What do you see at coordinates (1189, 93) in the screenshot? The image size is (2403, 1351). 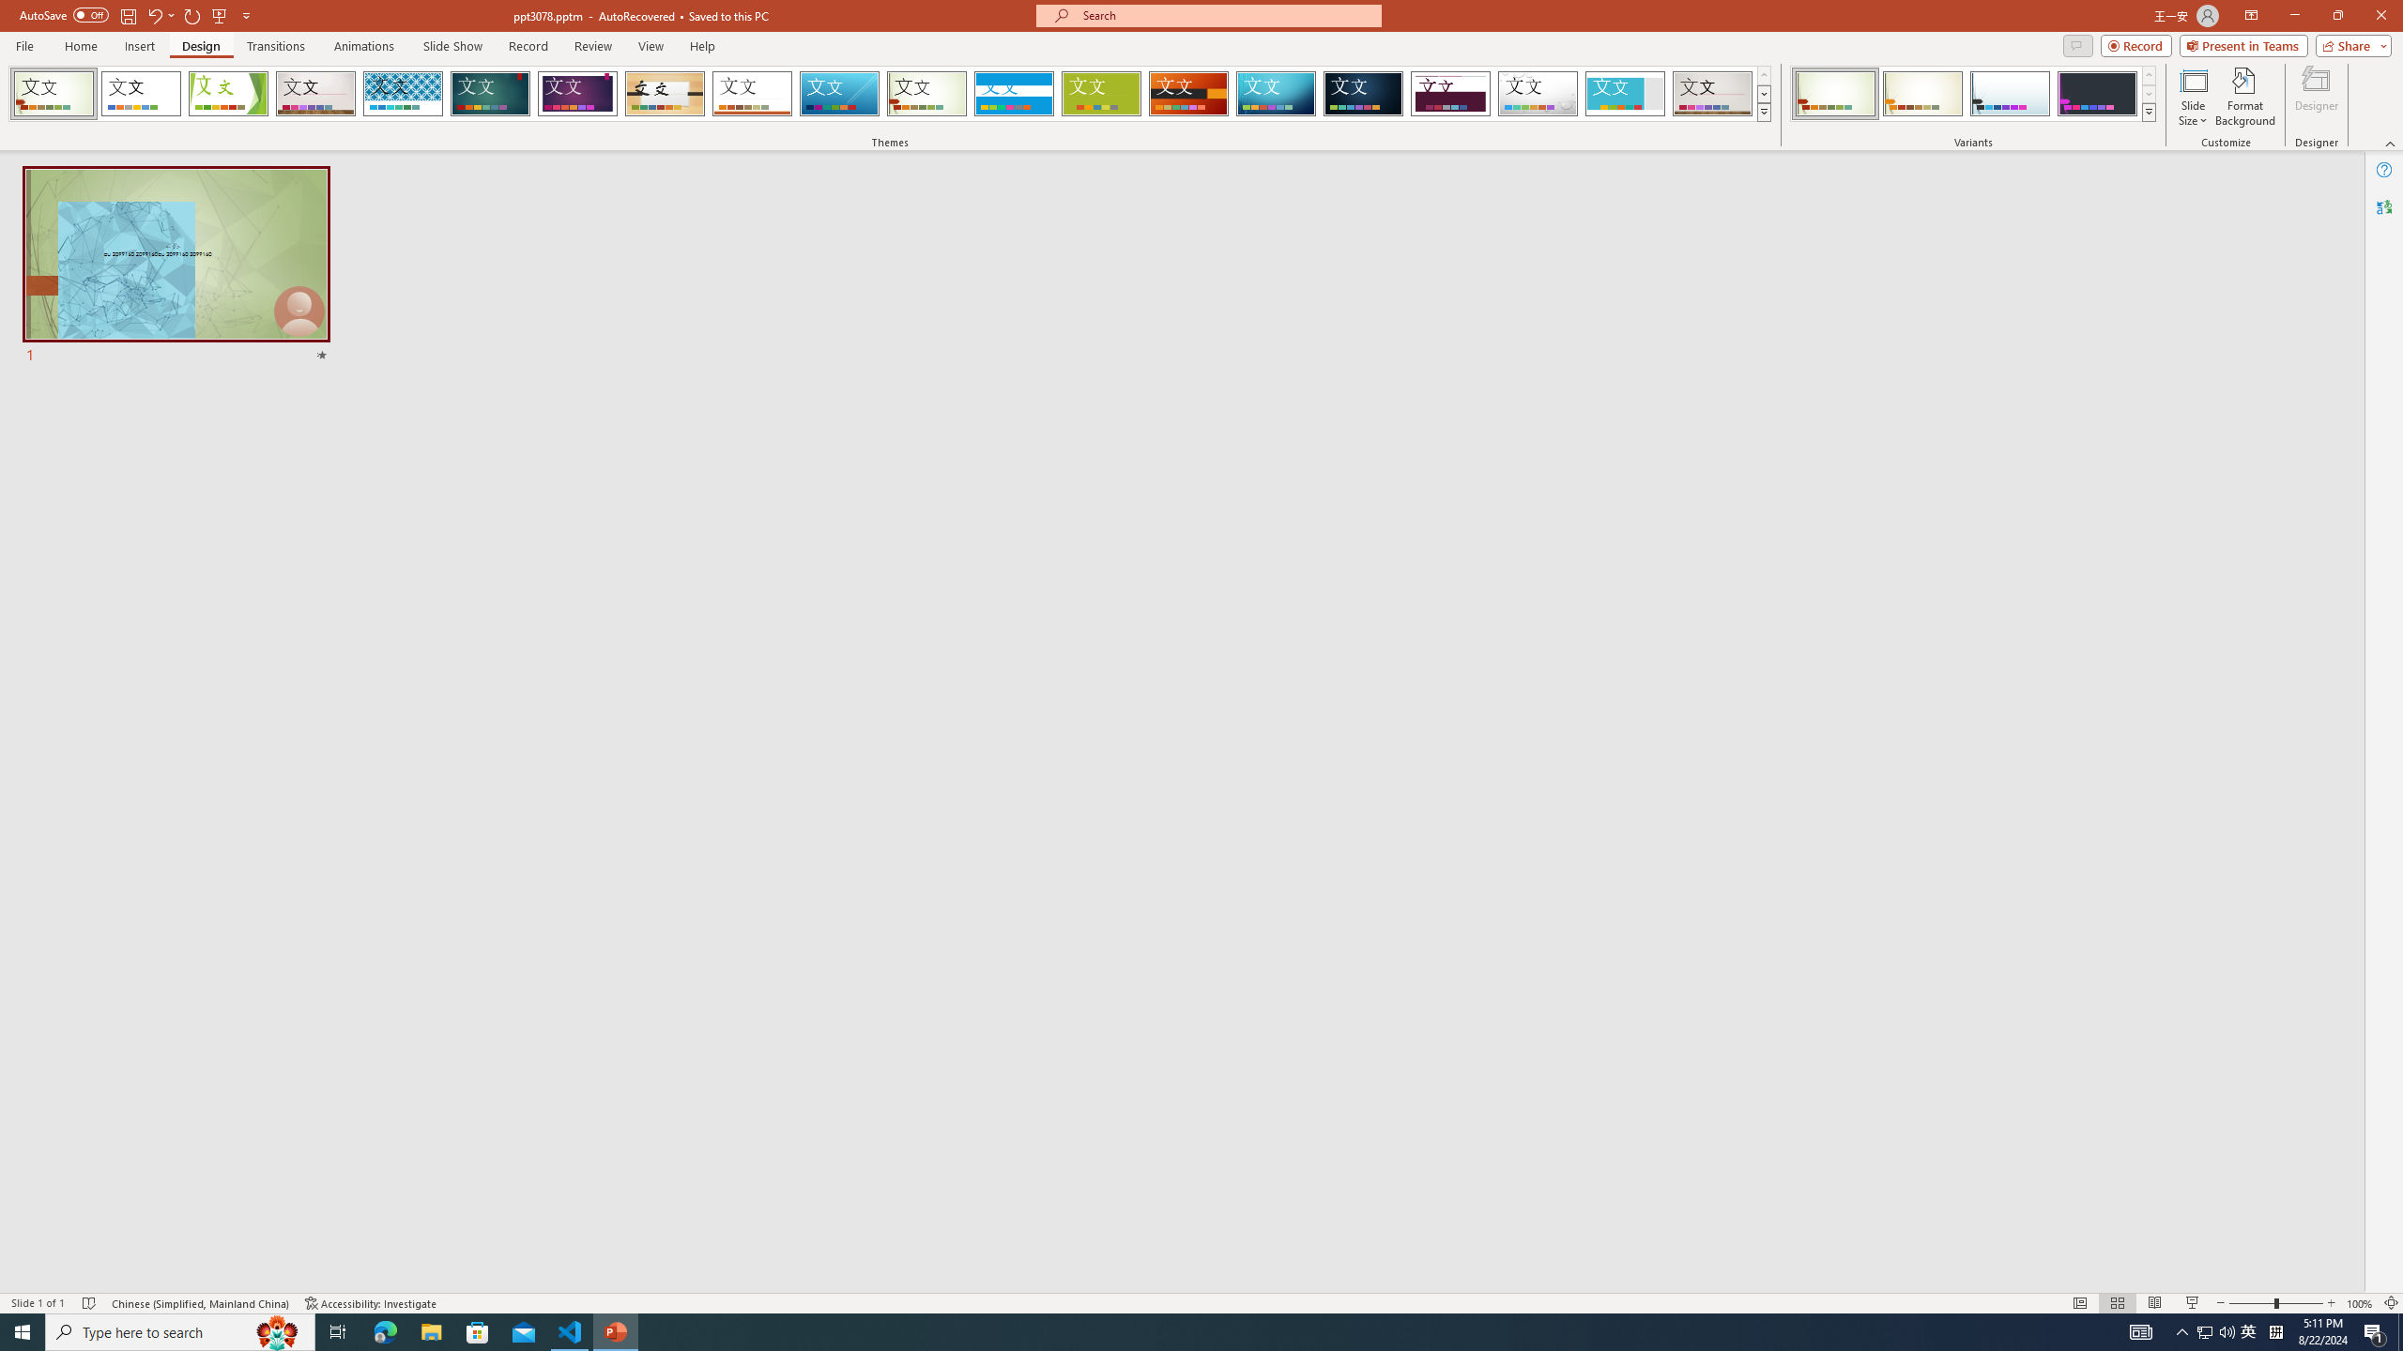 I see `'Berlin'` at bounding box center [1189, 93].